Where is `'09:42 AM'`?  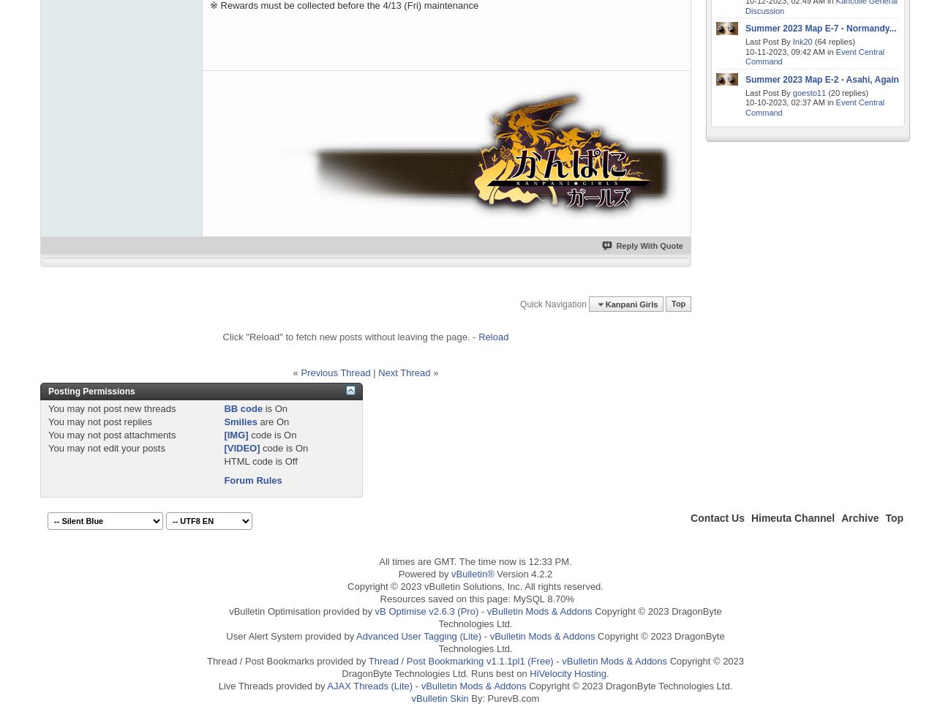
'09:42 AM' is located at coordinates (806, 51).